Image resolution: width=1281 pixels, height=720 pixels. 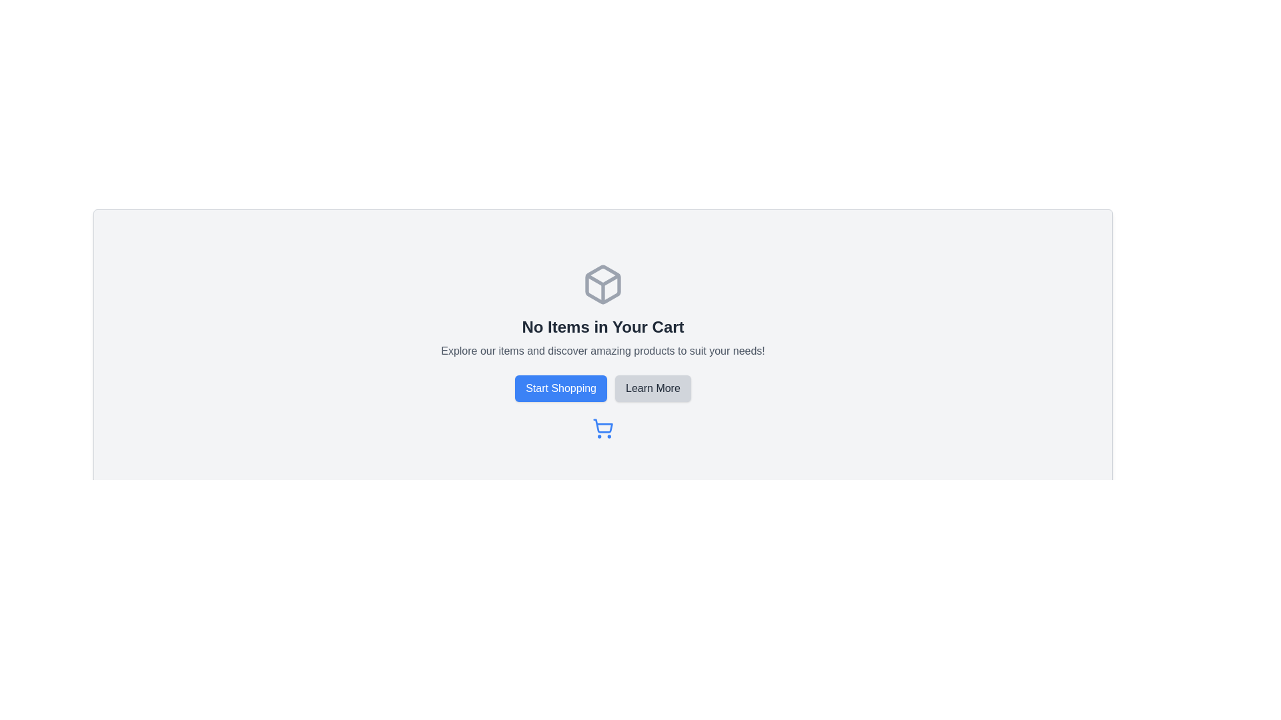 What do you see at coordinates (602, 351) in the screenshot?
I see `the text display that provides additional information or instructions to the user, located below the header 'No Items in Your Cart' and above the buttons 'Start Shopping' and 'Learn More'` at bounding box center [602, 351].